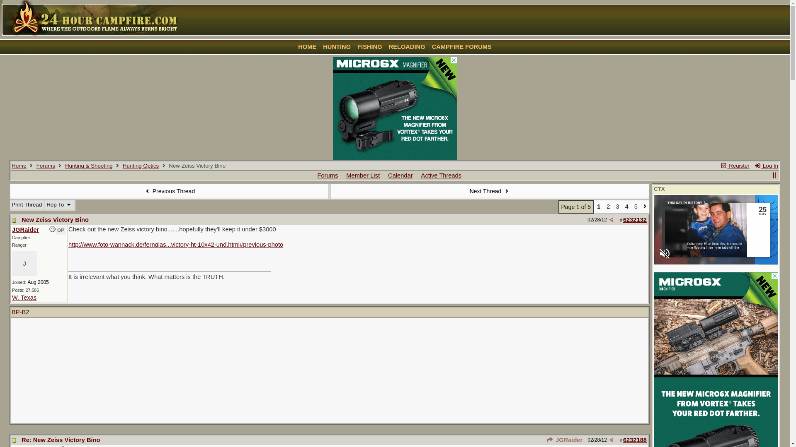 The height and width of the screenshot is (447, 796). Describe the element at coordinates (141, 166) in the screenshot. I see `'Hunting Optics'` at that location.